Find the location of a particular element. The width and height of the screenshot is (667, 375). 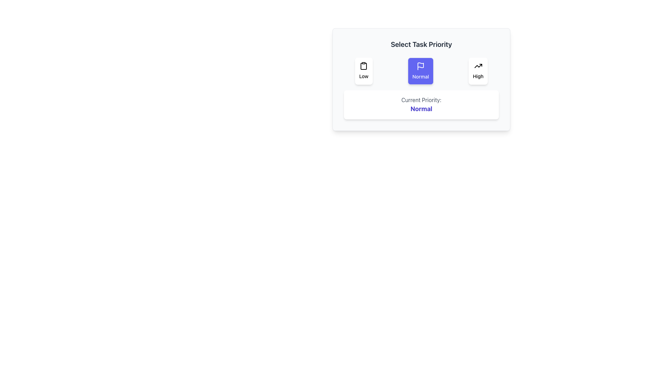

the text label that indicates the current selection within the button, located below a flag icon in the middle of the interface is located at coordinates (420, 76).